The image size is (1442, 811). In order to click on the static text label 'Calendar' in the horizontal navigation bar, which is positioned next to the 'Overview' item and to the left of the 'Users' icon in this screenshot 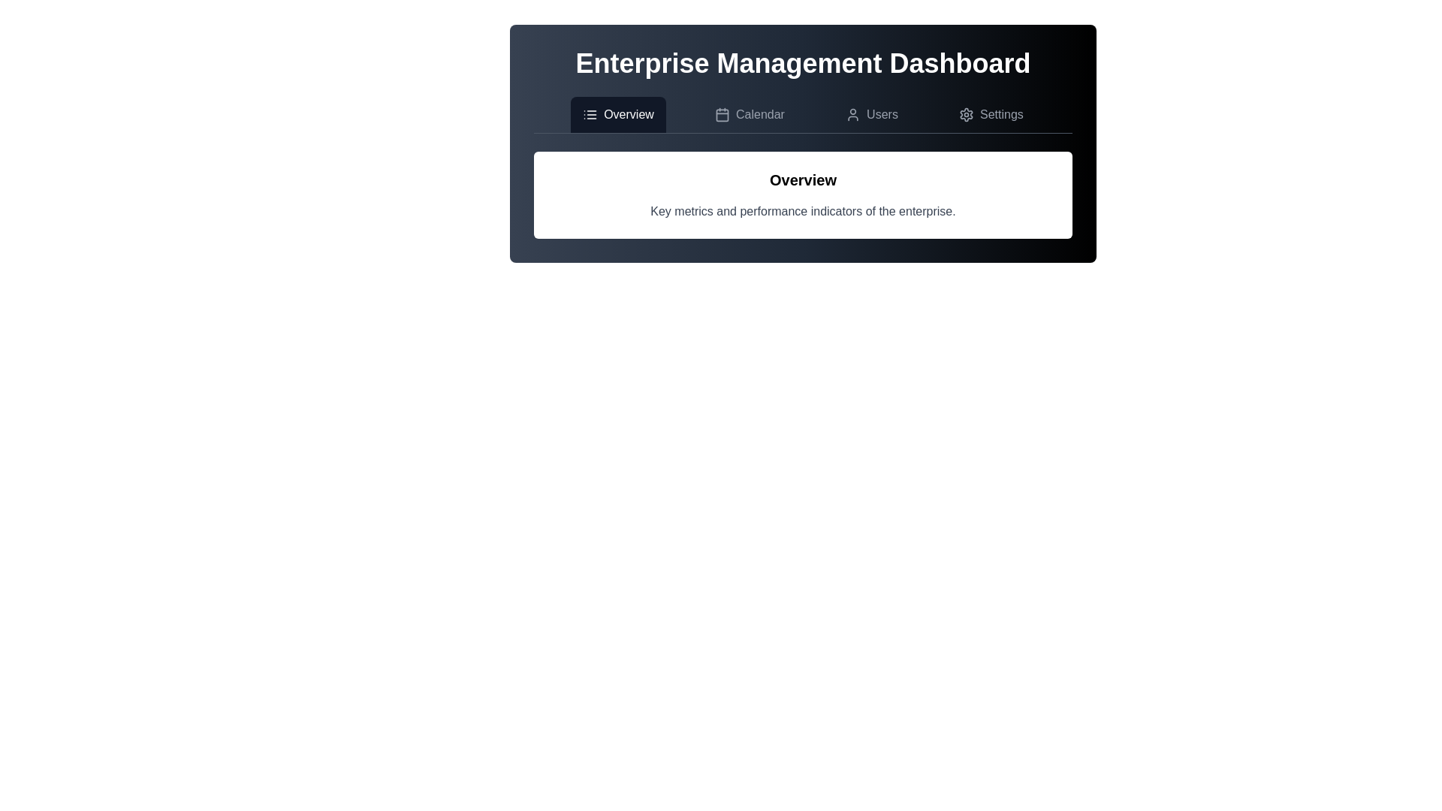, I will do `click(760, 114)`.